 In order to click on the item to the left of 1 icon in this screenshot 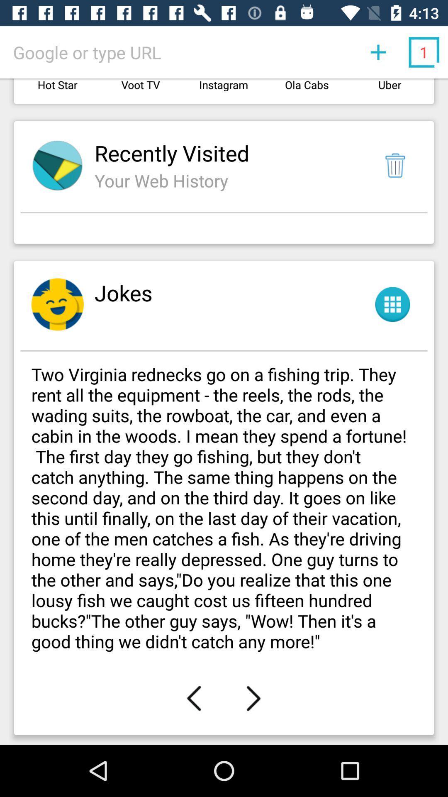, I will do `click(378, 51)`.